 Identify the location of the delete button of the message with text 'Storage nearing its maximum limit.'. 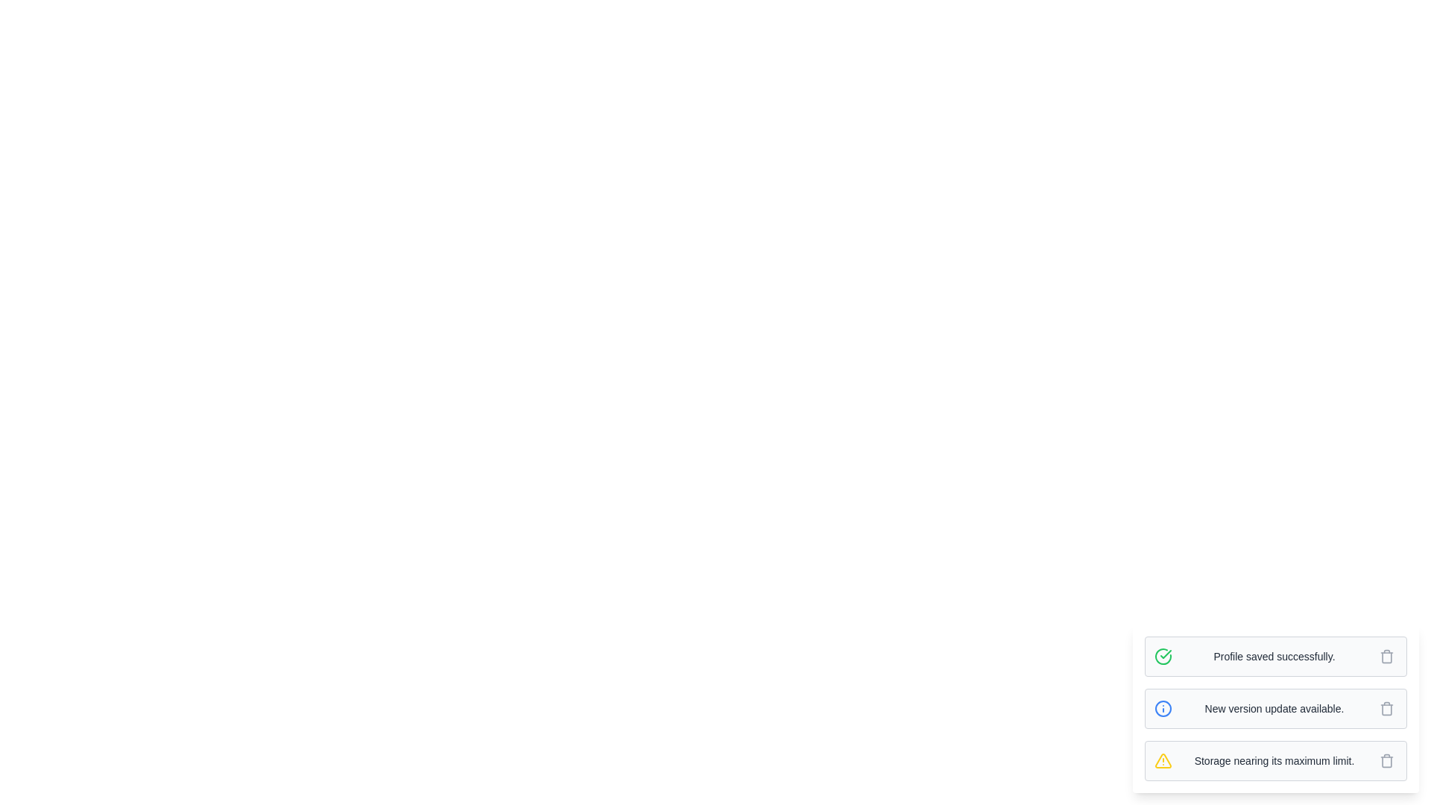
(1386, 761).